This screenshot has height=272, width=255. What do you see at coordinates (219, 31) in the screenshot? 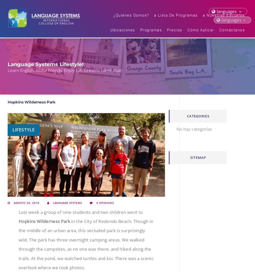
I see `'Contáctanos'` at bounding box center [219, 31].